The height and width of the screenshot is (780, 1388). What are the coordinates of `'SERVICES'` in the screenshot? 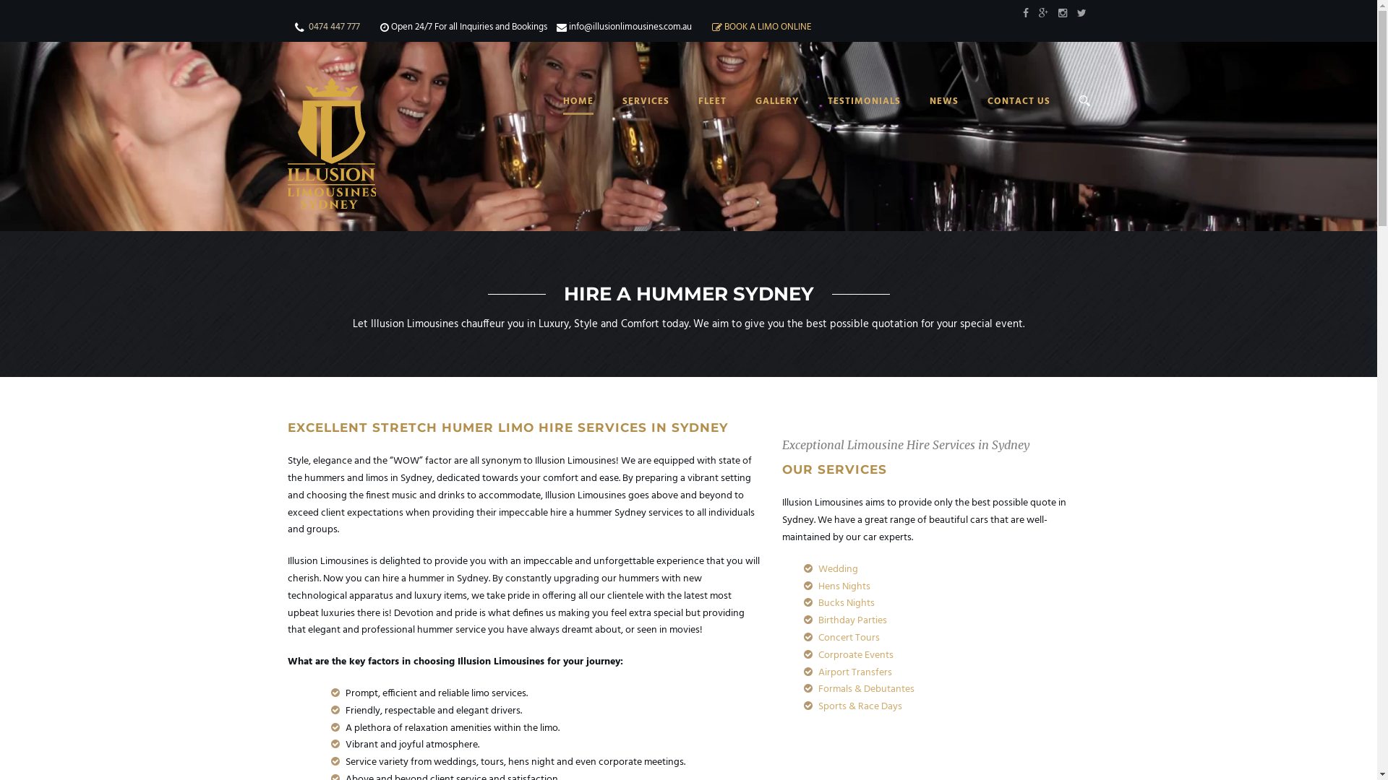 It's located at (630, 117).